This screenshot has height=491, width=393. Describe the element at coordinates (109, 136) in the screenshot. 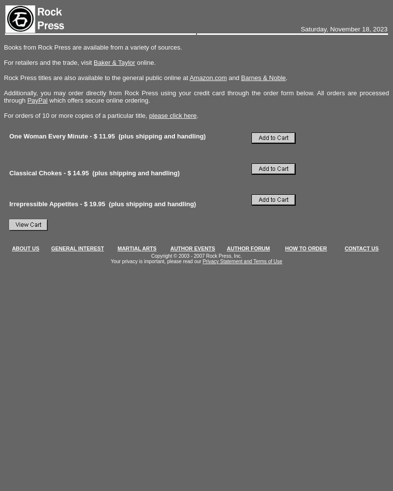

I see `'One
        Woman Every Minute - $ 11.95  (plus shipping and handling)'` at that location.